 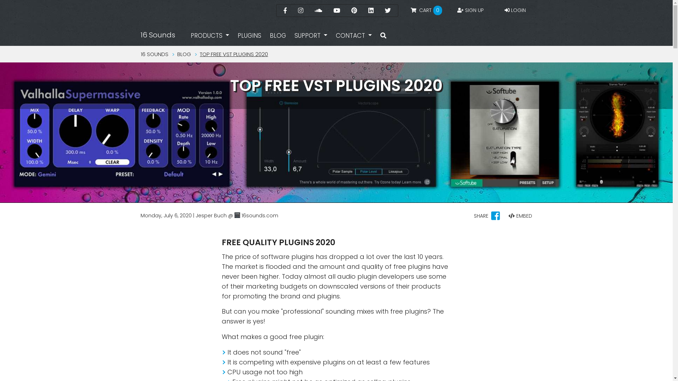 I want to click on 'PLUGINS', so click(x=249, y=35).